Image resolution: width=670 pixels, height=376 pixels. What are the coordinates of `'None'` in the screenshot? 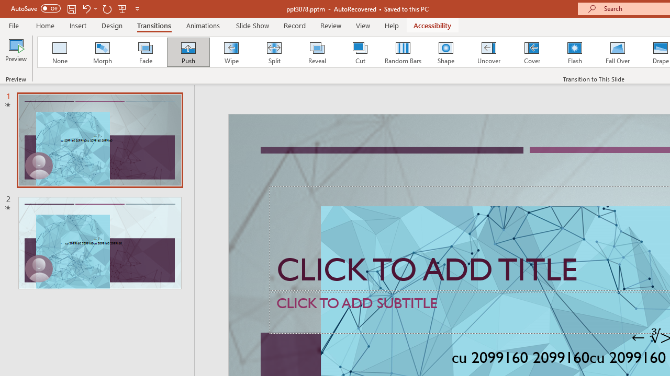 It's located at (59, 52).